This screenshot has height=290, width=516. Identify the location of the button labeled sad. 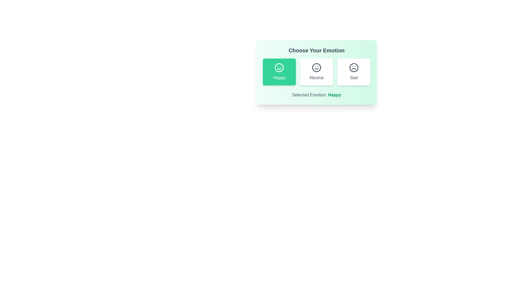
(353, 71).